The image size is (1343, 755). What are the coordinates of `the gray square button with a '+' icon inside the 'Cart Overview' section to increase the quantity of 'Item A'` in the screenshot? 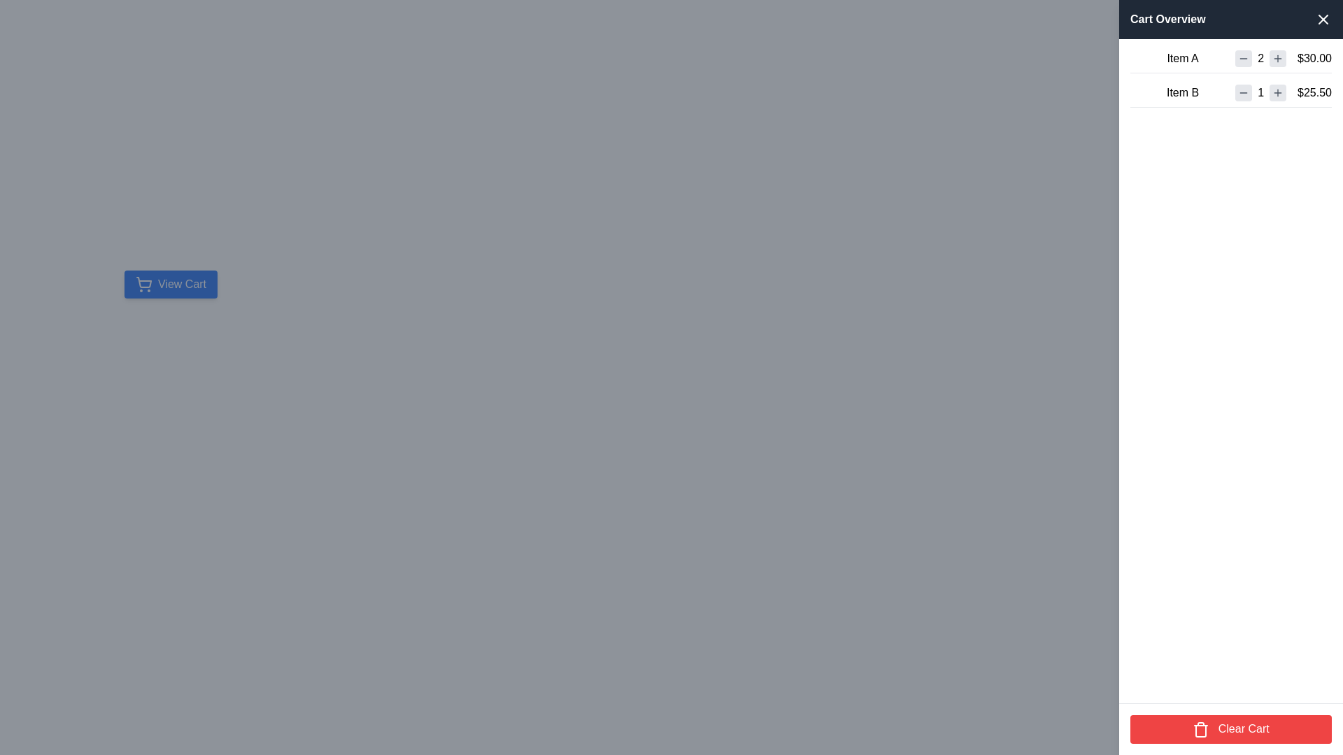 It's located at (1278, 58).